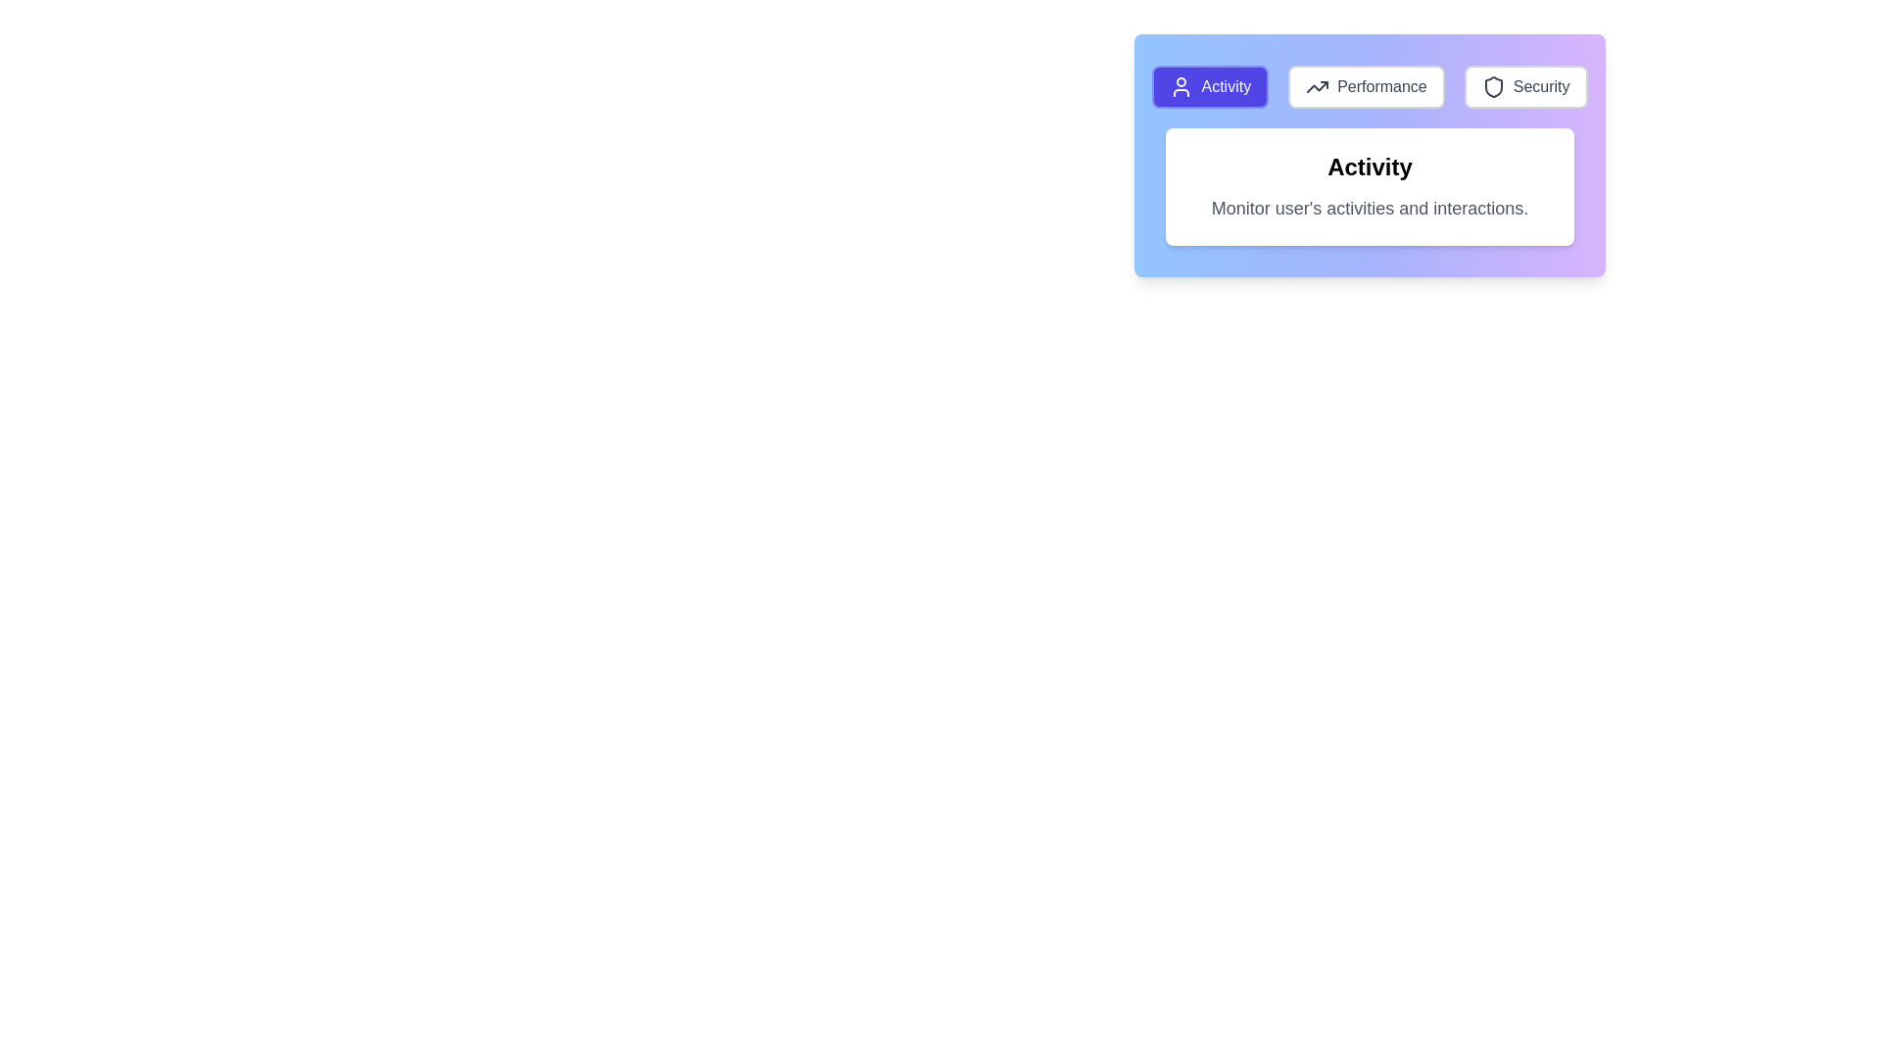  I want to click on the shield icon located within the 'Security' button in the top-right section of the interactive header panel, so click(1492, 85).